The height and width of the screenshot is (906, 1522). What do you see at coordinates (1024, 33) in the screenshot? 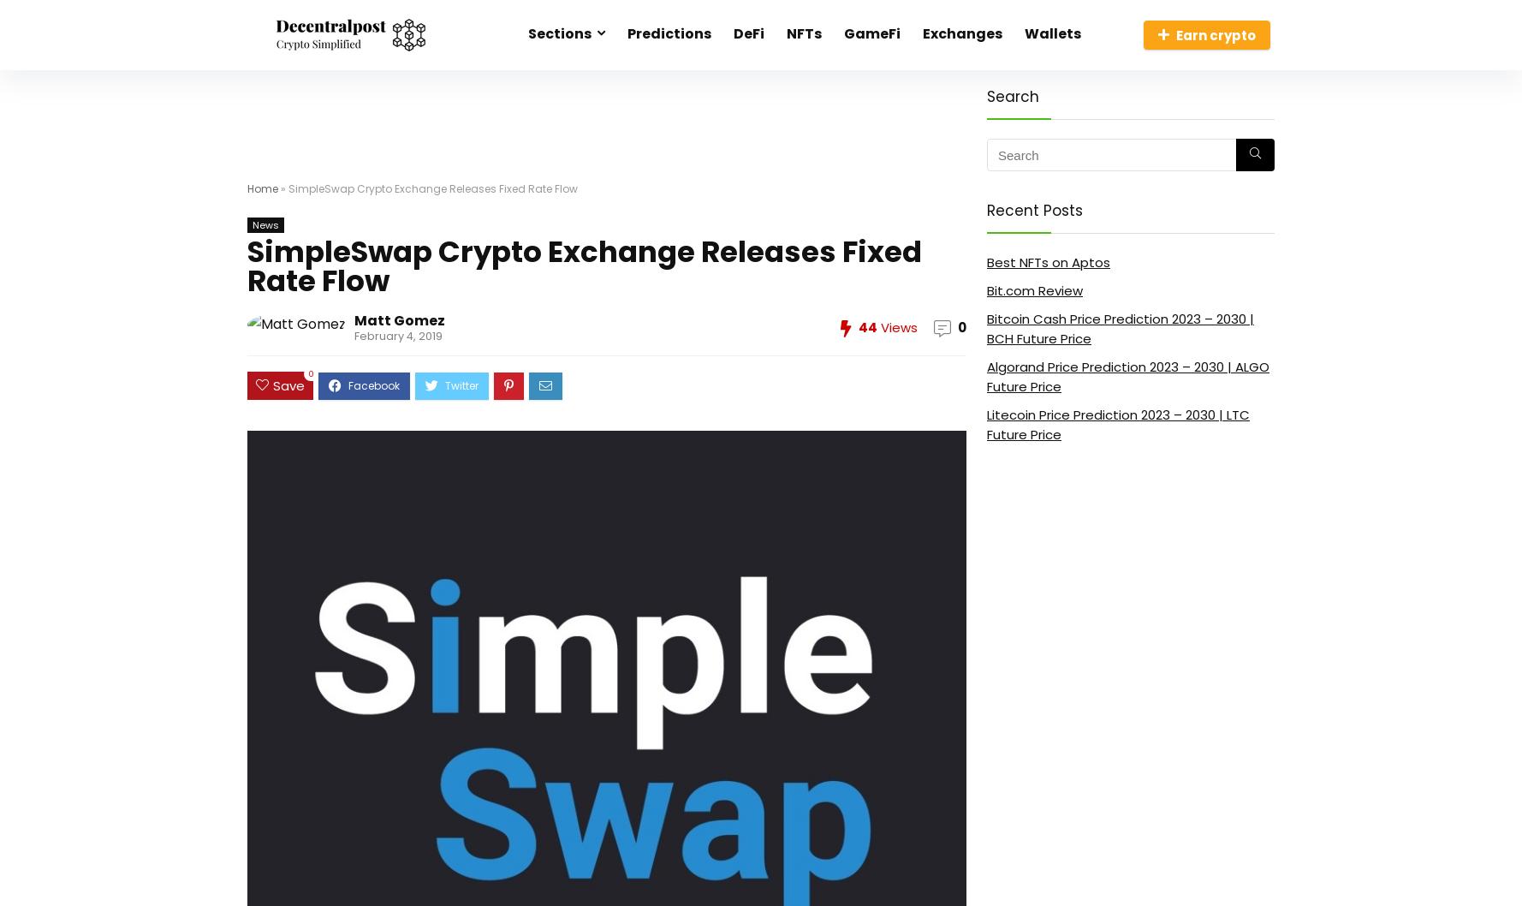
I see `'Wallets'` at bounding box center [1024, 33].